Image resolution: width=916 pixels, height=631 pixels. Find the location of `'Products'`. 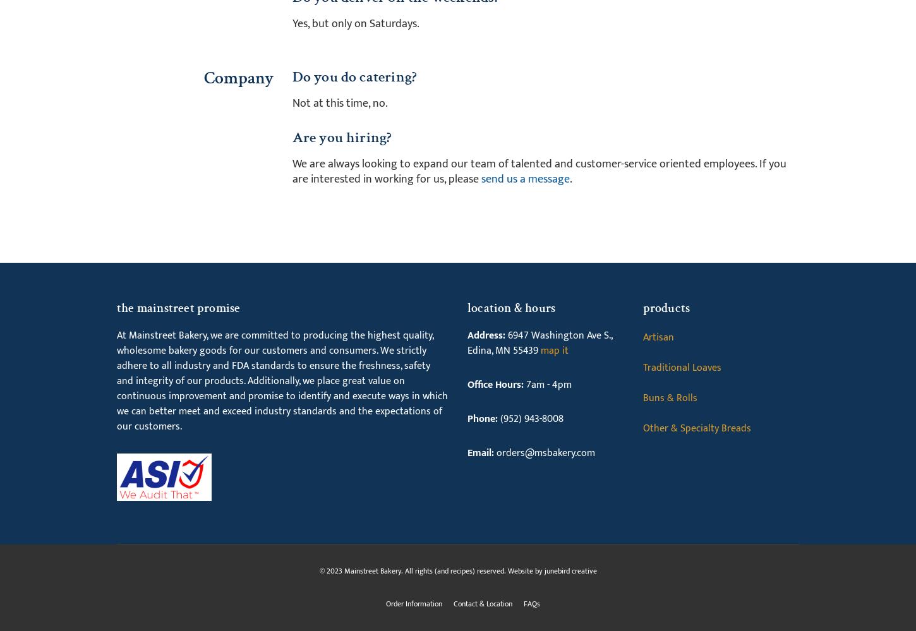

'Products' is located at coordinates (666, 308).